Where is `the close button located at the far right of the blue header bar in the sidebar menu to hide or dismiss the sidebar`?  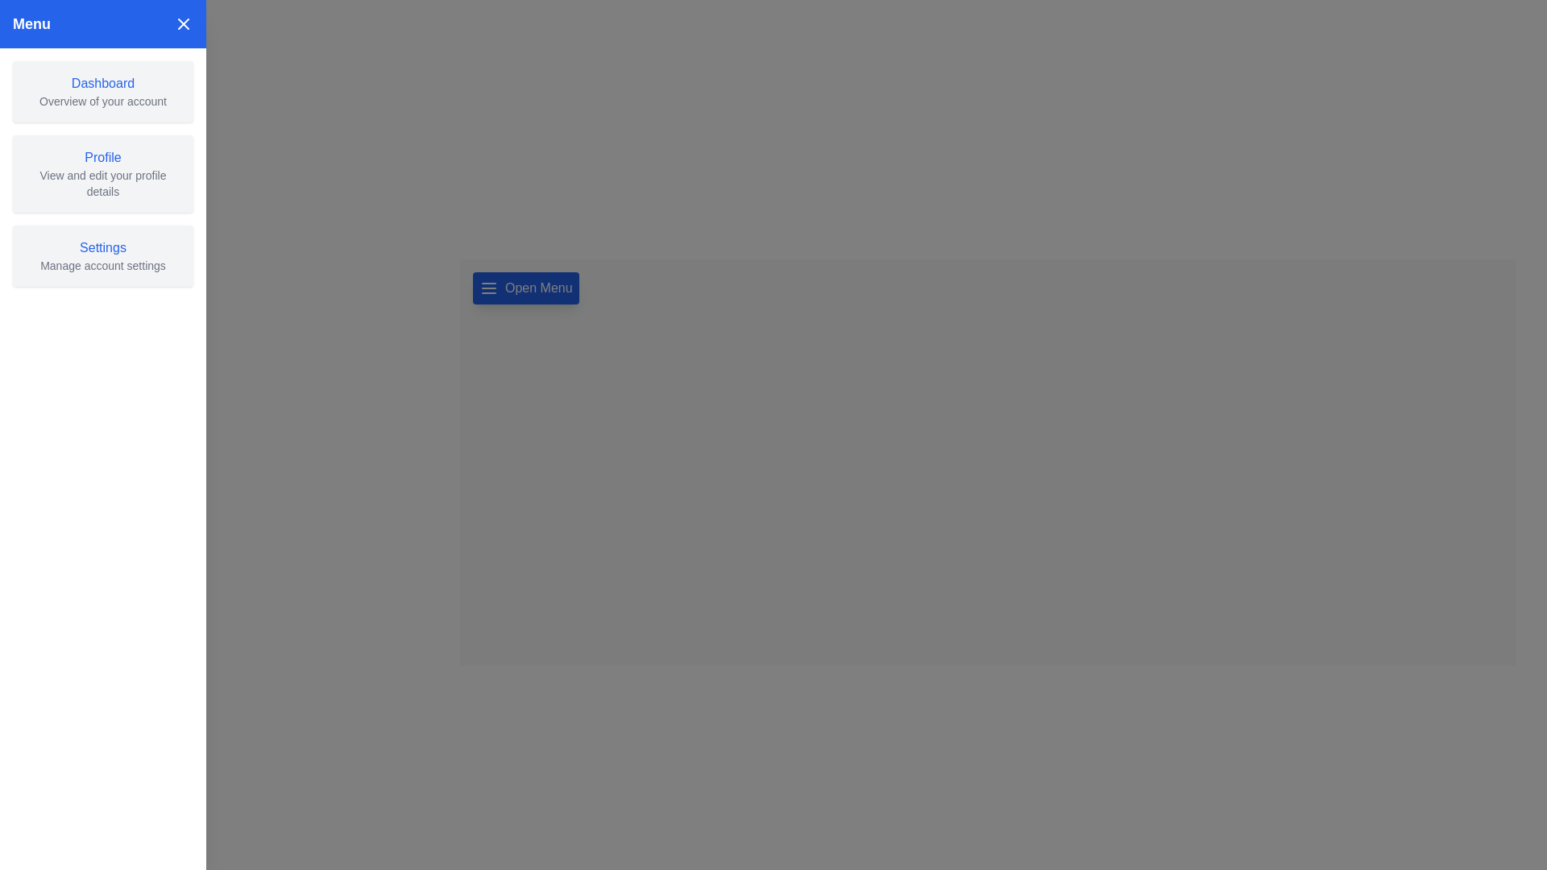 the close button located at the far right of the blue header bar in the sidebar menu to hide or dismiss the sidebar is located at coordinates (183, 24).